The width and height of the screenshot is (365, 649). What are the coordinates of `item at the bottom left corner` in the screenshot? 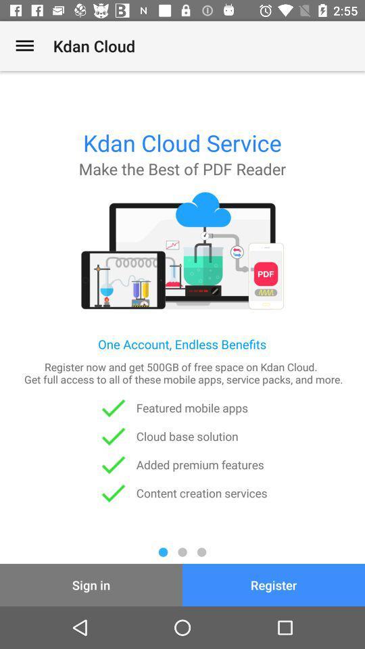 It's located at (91, 584).